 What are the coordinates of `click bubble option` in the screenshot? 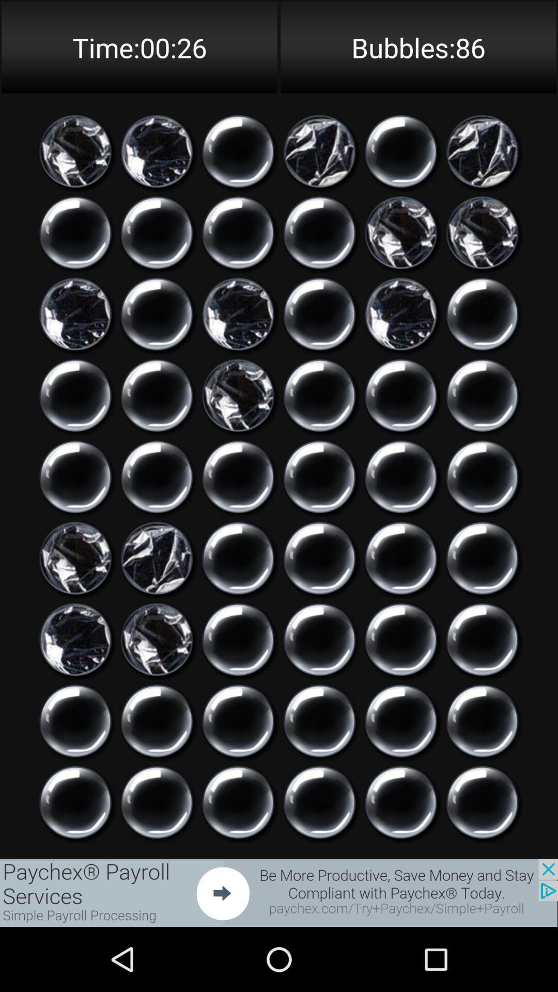 It's located at (238, 639).